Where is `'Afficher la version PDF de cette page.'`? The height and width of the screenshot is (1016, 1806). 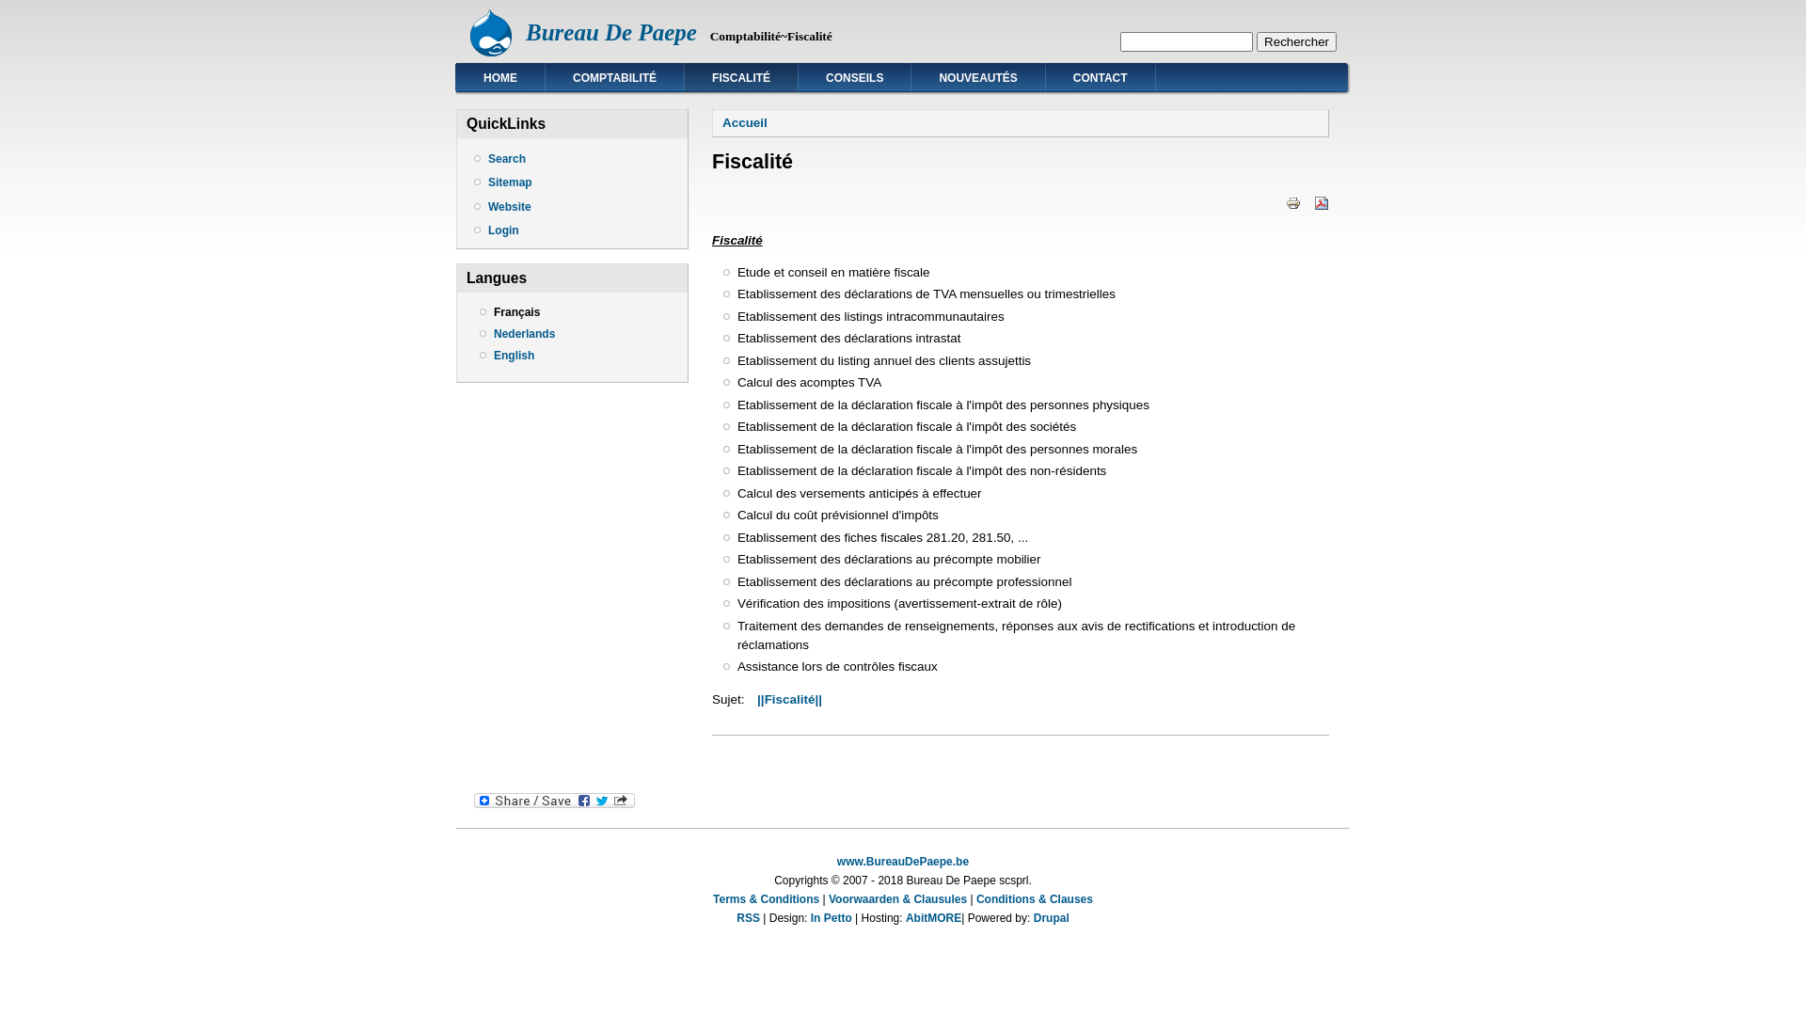
'Afficher la version PDF de cette page.' is located at coordinates (1319, 202).